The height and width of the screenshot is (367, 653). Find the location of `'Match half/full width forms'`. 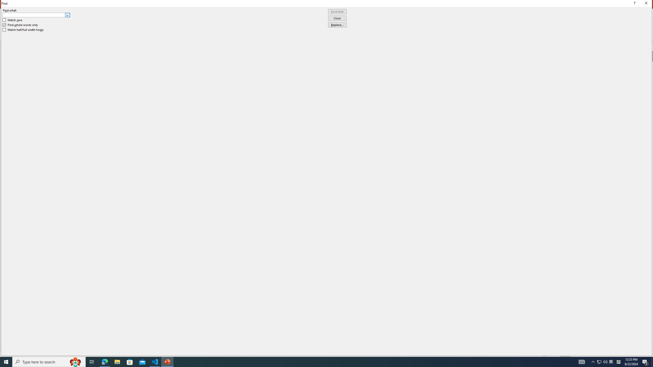

'Match half/full width forms' is located at coordinates (23, 30).